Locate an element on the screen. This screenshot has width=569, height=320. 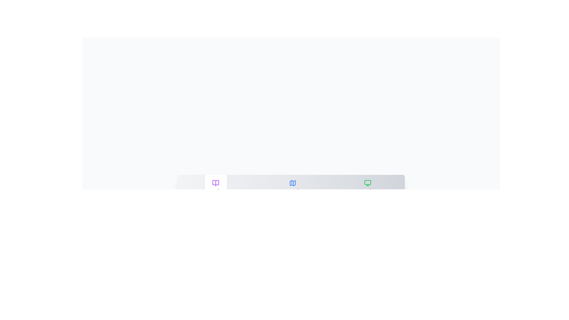
the tab labeled Tech is located at coordinates (367, 186).